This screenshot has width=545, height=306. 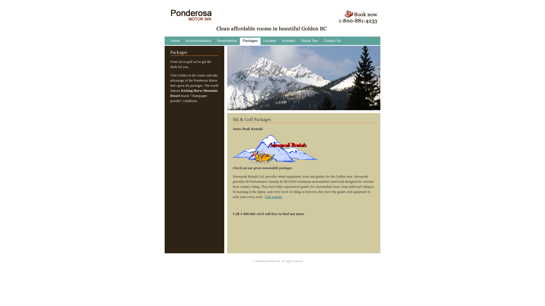 What do you see at coordinates (227, 41) in the screenshot?
I see `'Reservations'` at bounding box center [227, 41].